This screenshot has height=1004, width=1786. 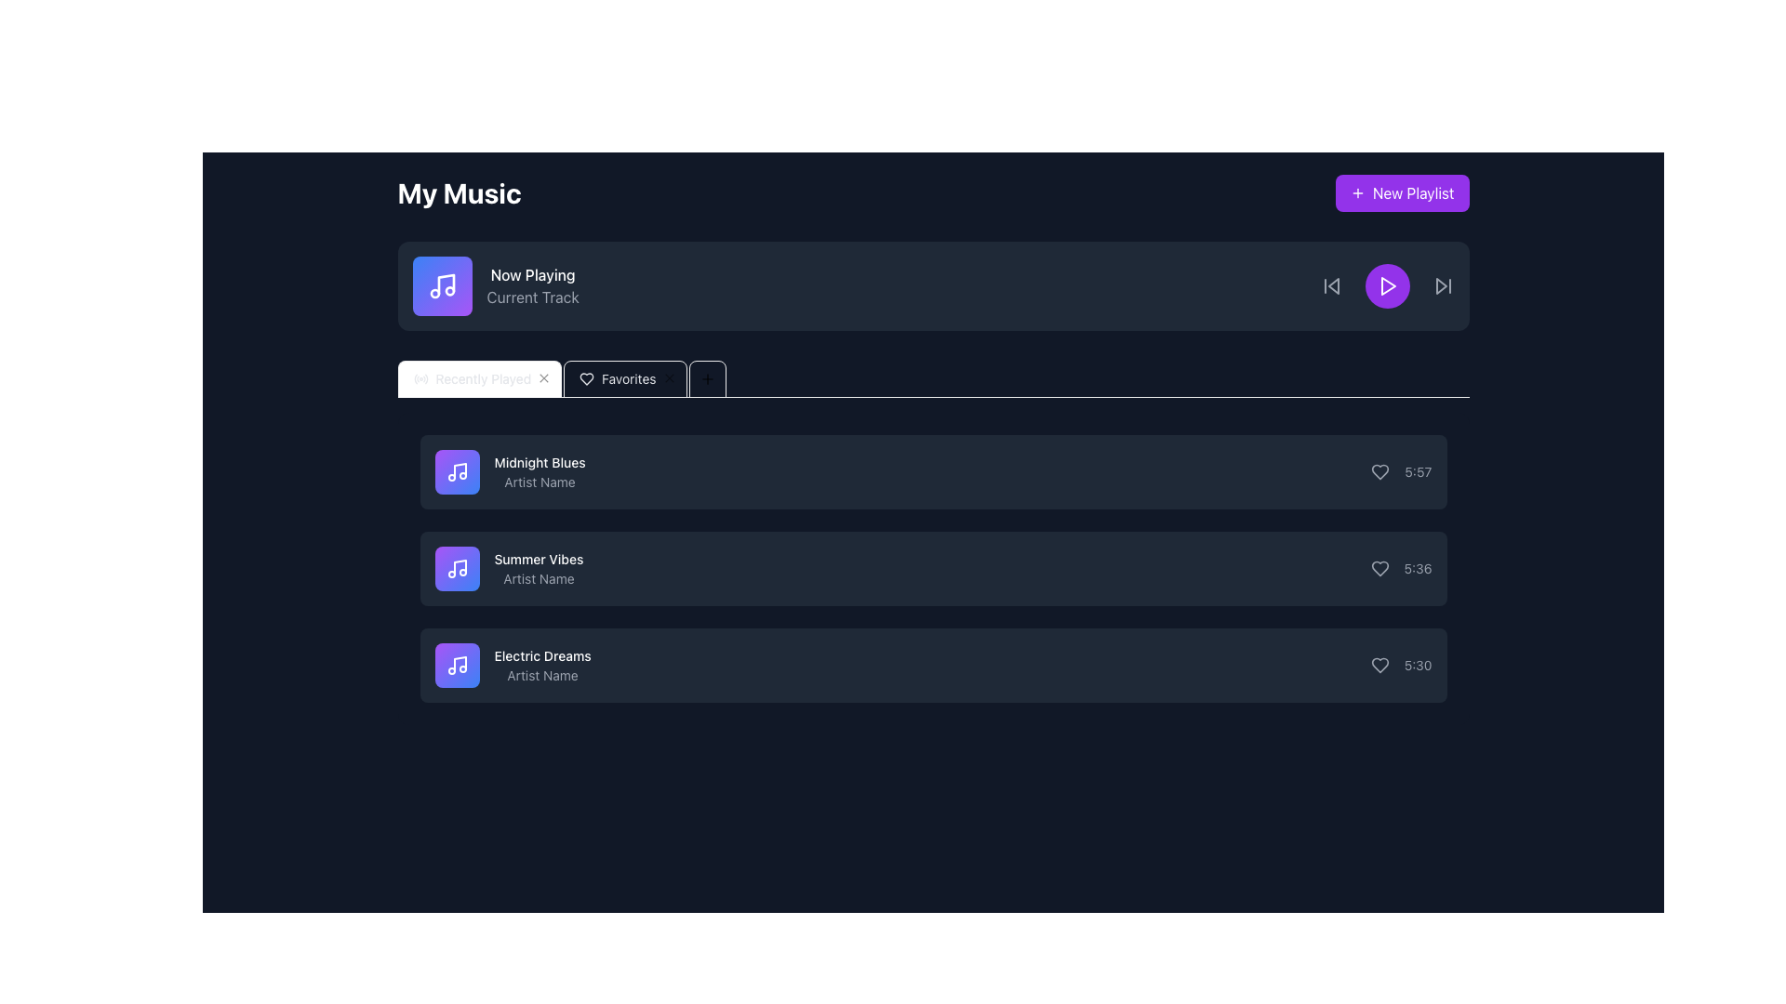 I want to click on the text element displaying the song name 'Summer Vibes' by 'Artist Name', located on the third row in the music browsing interface, so click(x=538, y=568).